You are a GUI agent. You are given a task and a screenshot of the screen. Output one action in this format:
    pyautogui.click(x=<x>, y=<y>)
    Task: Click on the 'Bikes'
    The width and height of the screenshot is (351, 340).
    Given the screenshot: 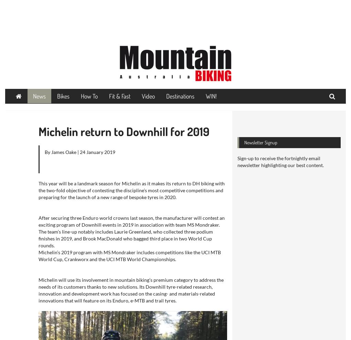 What is the action you would take?
    pyautogui.click(x=63, y=96)
    